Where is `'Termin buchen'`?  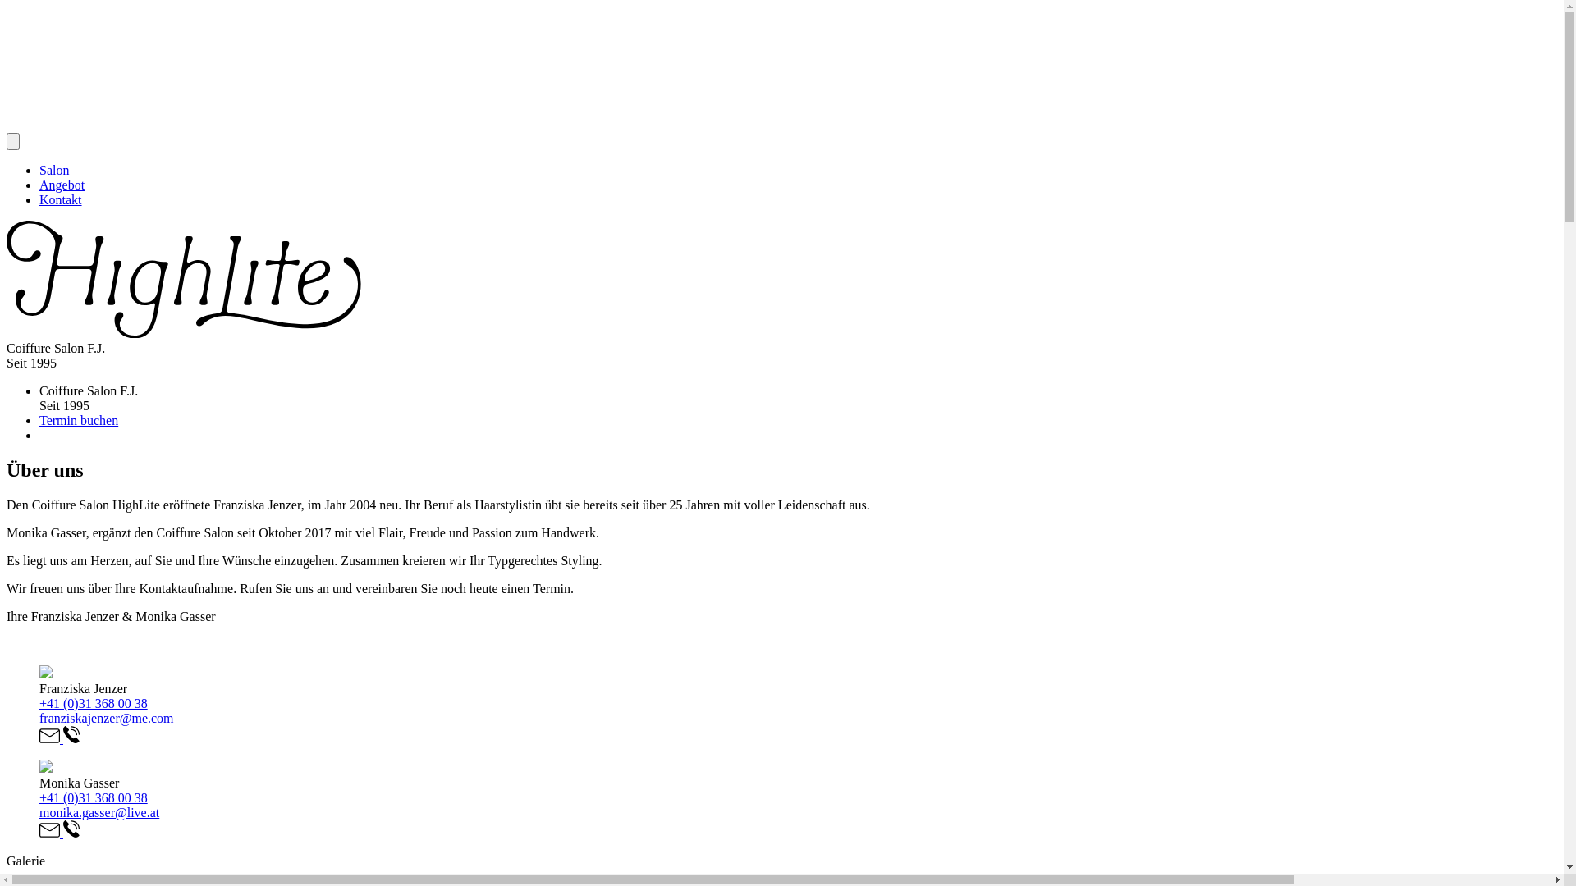 'Termin buchen' is located at coordinates (78, 419).